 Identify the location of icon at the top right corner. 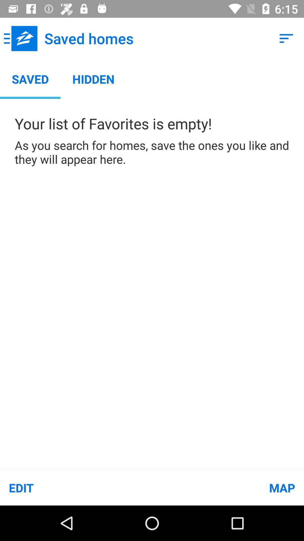
(286, 38).